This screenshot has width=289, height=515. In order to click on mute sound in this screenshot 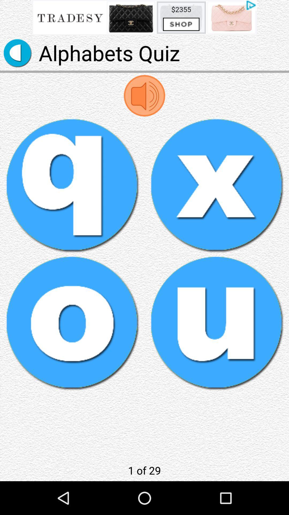, I will do `click(144, 95)`.